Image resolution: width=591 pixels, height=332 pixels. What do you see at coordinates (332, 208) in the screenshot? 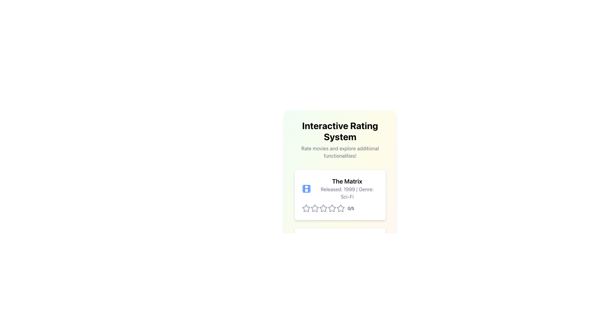
I see `the fifth star in the movie rating system located at the center-bottom of the card` at bounding box center [332, 208].